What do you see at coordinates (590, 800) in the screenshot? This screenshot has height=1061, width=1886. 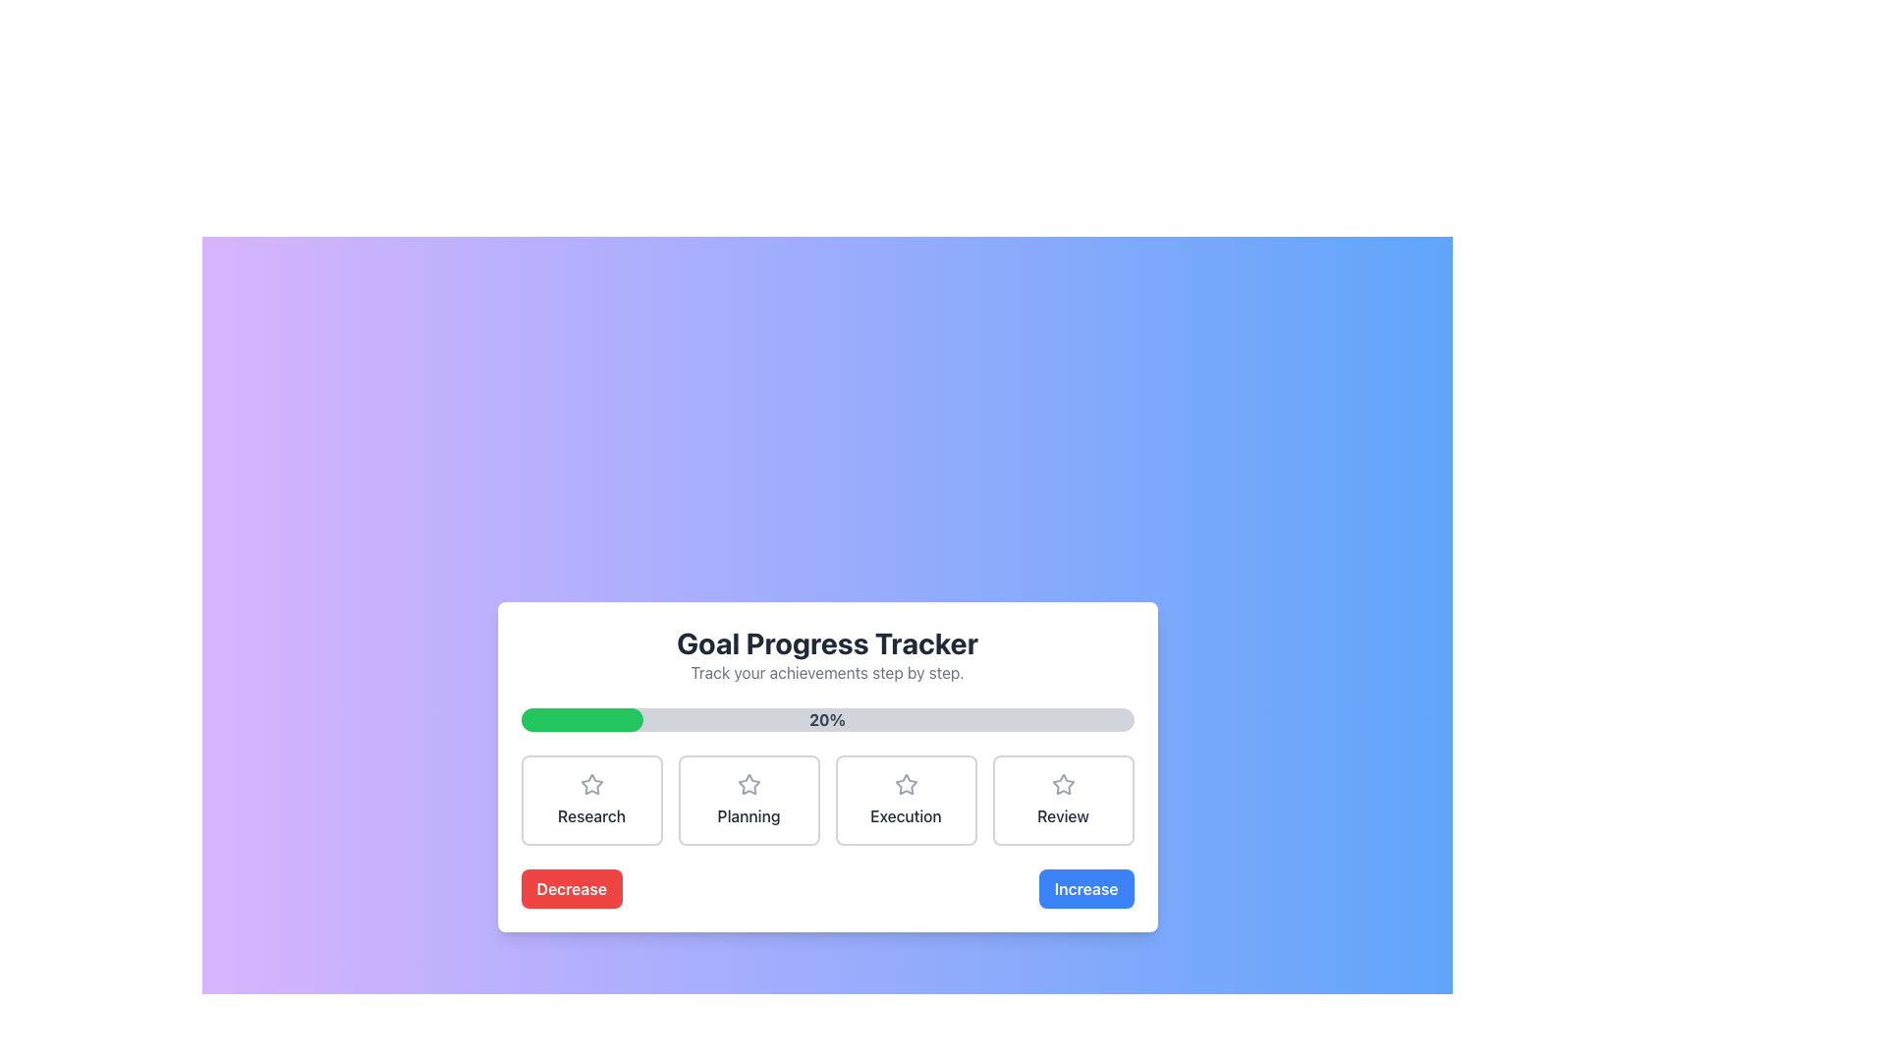 I see `the 'Research' card UI component` at bounding box center [590, 800].